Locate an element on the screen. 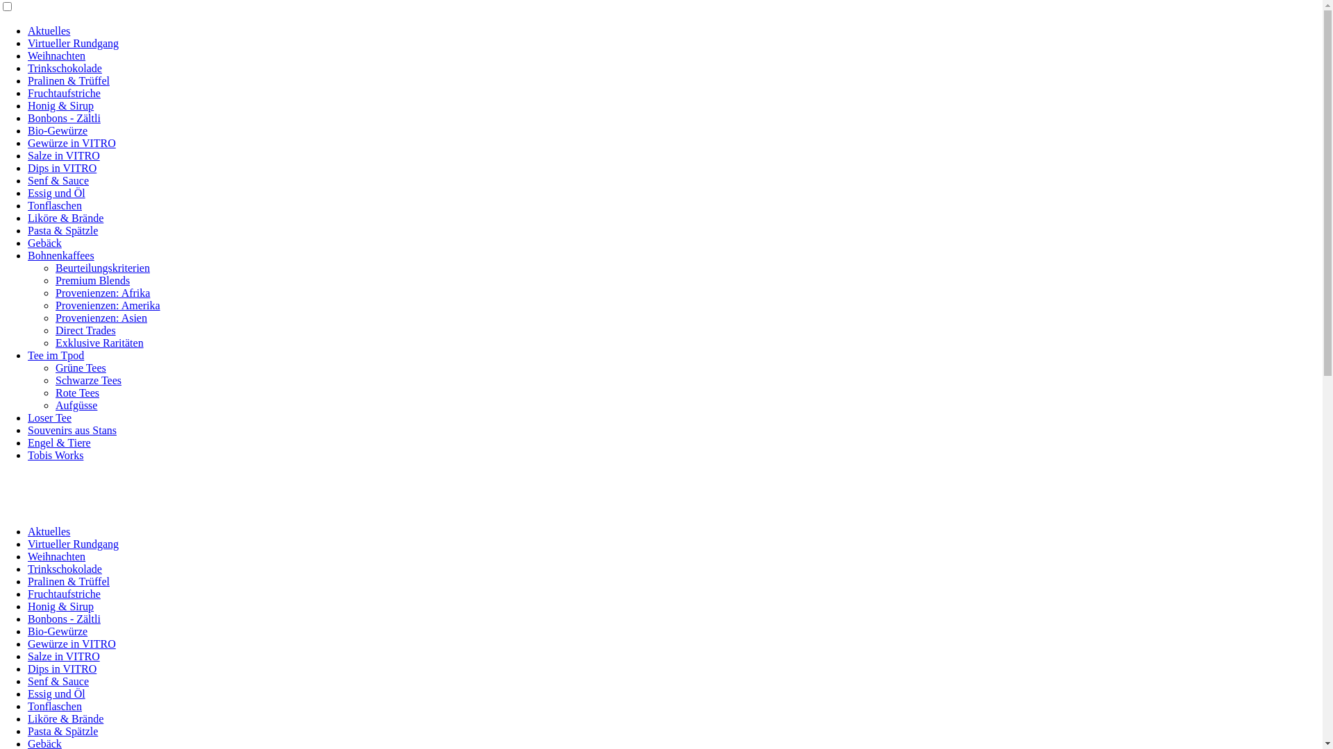 This screenshot has width=1333, height=749. 'Rote Tees' is located at coordinates (76, 393).